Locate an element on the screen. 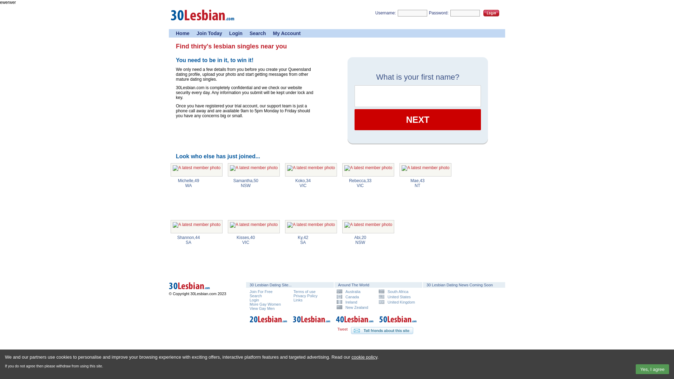 Image resolution: width=674 pixels, height=379 pixels. 'Join Today' is located at coordinates (209, 33).